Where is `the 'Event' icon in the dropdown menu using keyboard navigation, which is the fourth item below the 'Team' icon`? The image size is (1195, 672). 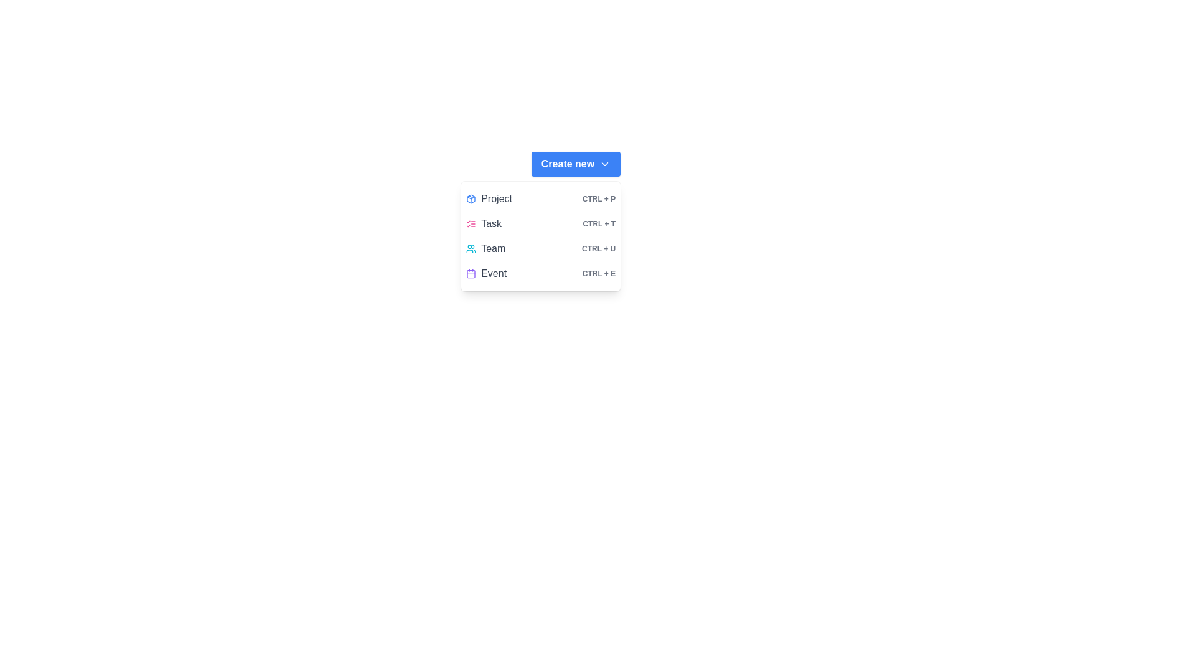
the 'Event' icon in the dropdown menu using keyboard navigation, which is the fourth item below the 'Team' icon is located at coordinates (471, 273).